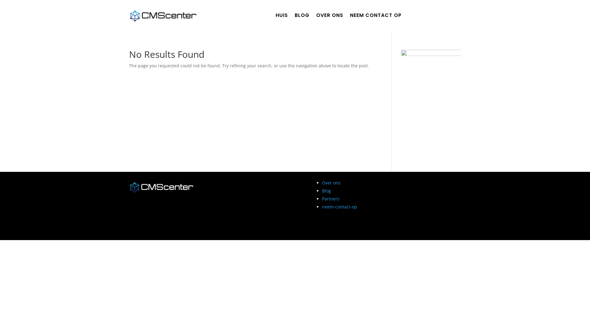  What do you see at coordinates (329, 16) in the screenshot?
I see `'OVER ONS'` at bounding box center [329, 16].